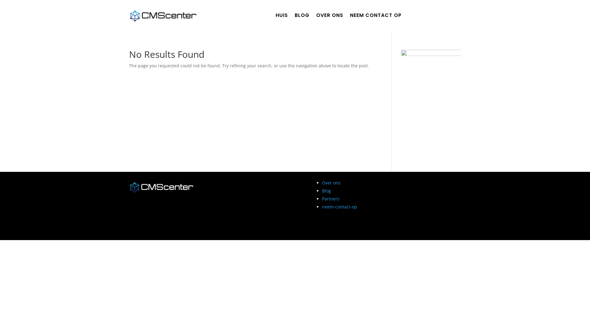  What do you see at coordinates (329, 16) in the screenshot?
I see `'OVER ONS'` at bounding box center [329, 16].